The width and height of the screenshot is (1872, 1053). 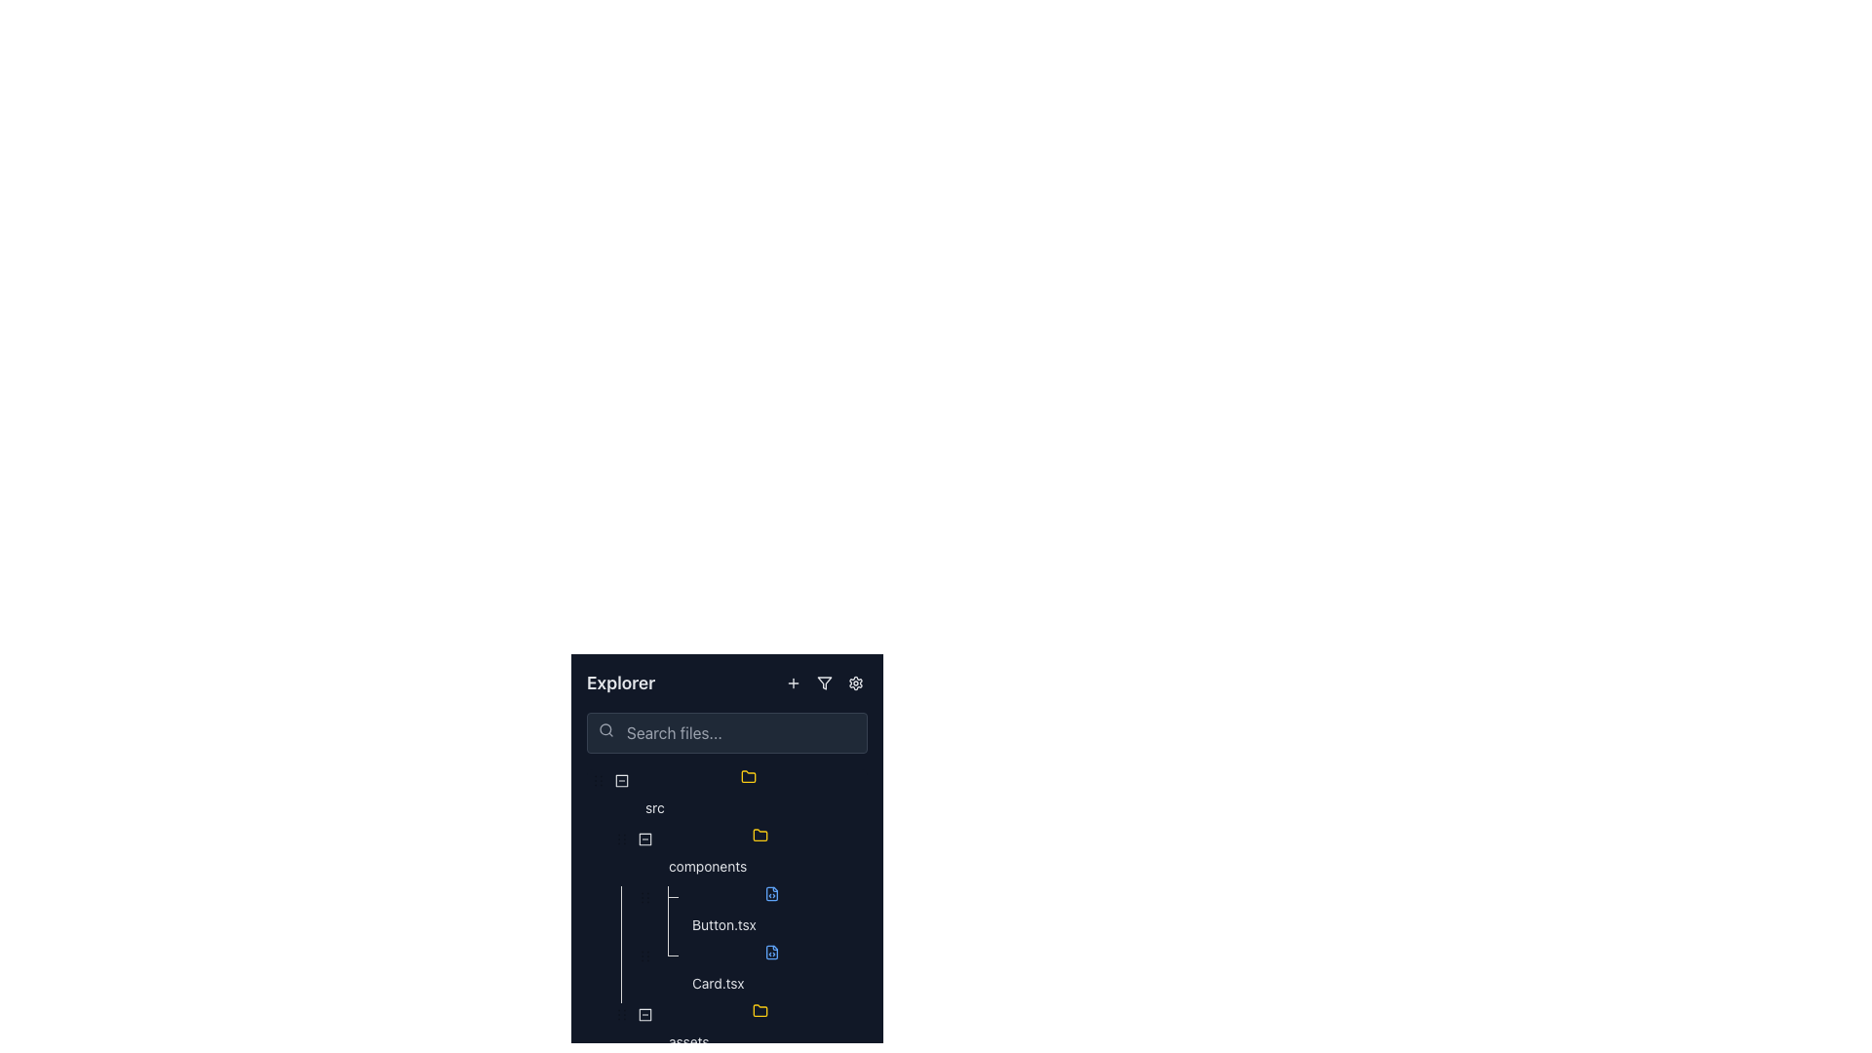 What do you see at coordinates (608, 914) in the screenshot?
I see `vertical indentation visual marker for the file 'Button.tsx' in the 'Explorer' panel, which is styled in a dark theme and is part of the tree view structure` at bounding box center [608, 914].